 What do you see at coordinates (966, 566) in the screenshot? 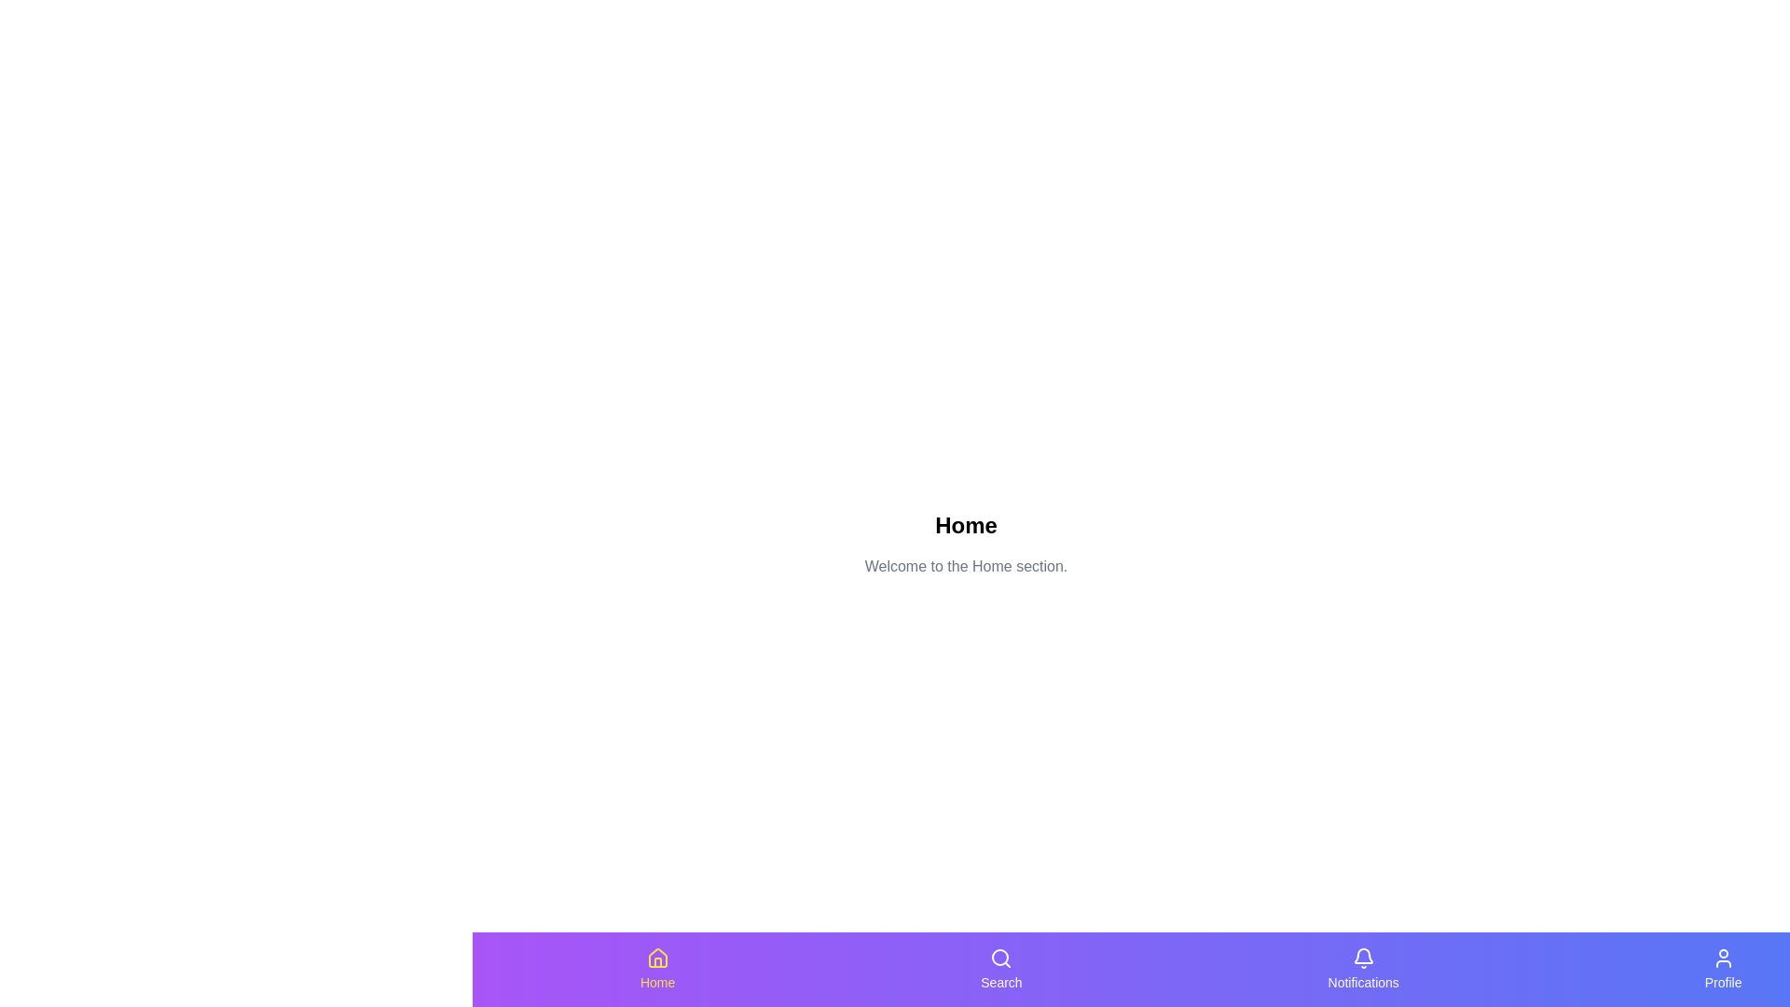
I see `the text label displaying 'Welcome to the Home section.' which is centrally aligned beneath the title 'Home'` at bounding box center [966, 566].